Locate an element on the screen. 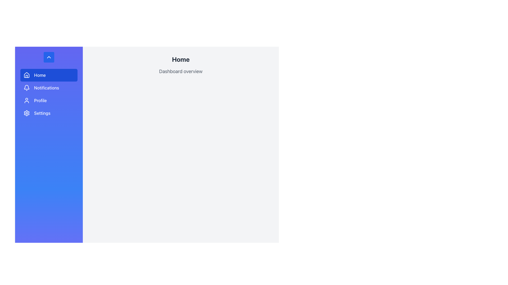 This screenshot has height=285, width=508. the lower section of the 'Home' icon in the navigation bar, which is positioned above the 'Home' label is located at coordinates (26, 75).